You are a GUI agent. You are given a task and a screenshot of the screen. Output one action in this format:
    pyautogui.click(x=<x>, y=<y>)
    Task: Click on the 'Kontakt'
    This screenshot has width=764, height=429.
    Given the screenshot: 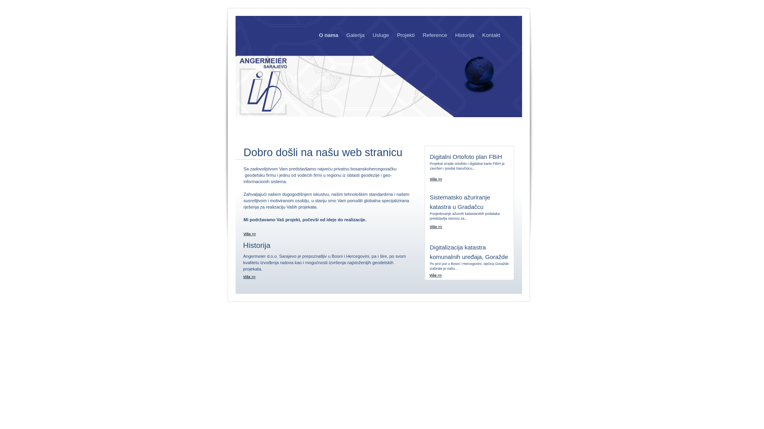 What is the action you would take?
    pyautogui.click(x=491, y=35)
    